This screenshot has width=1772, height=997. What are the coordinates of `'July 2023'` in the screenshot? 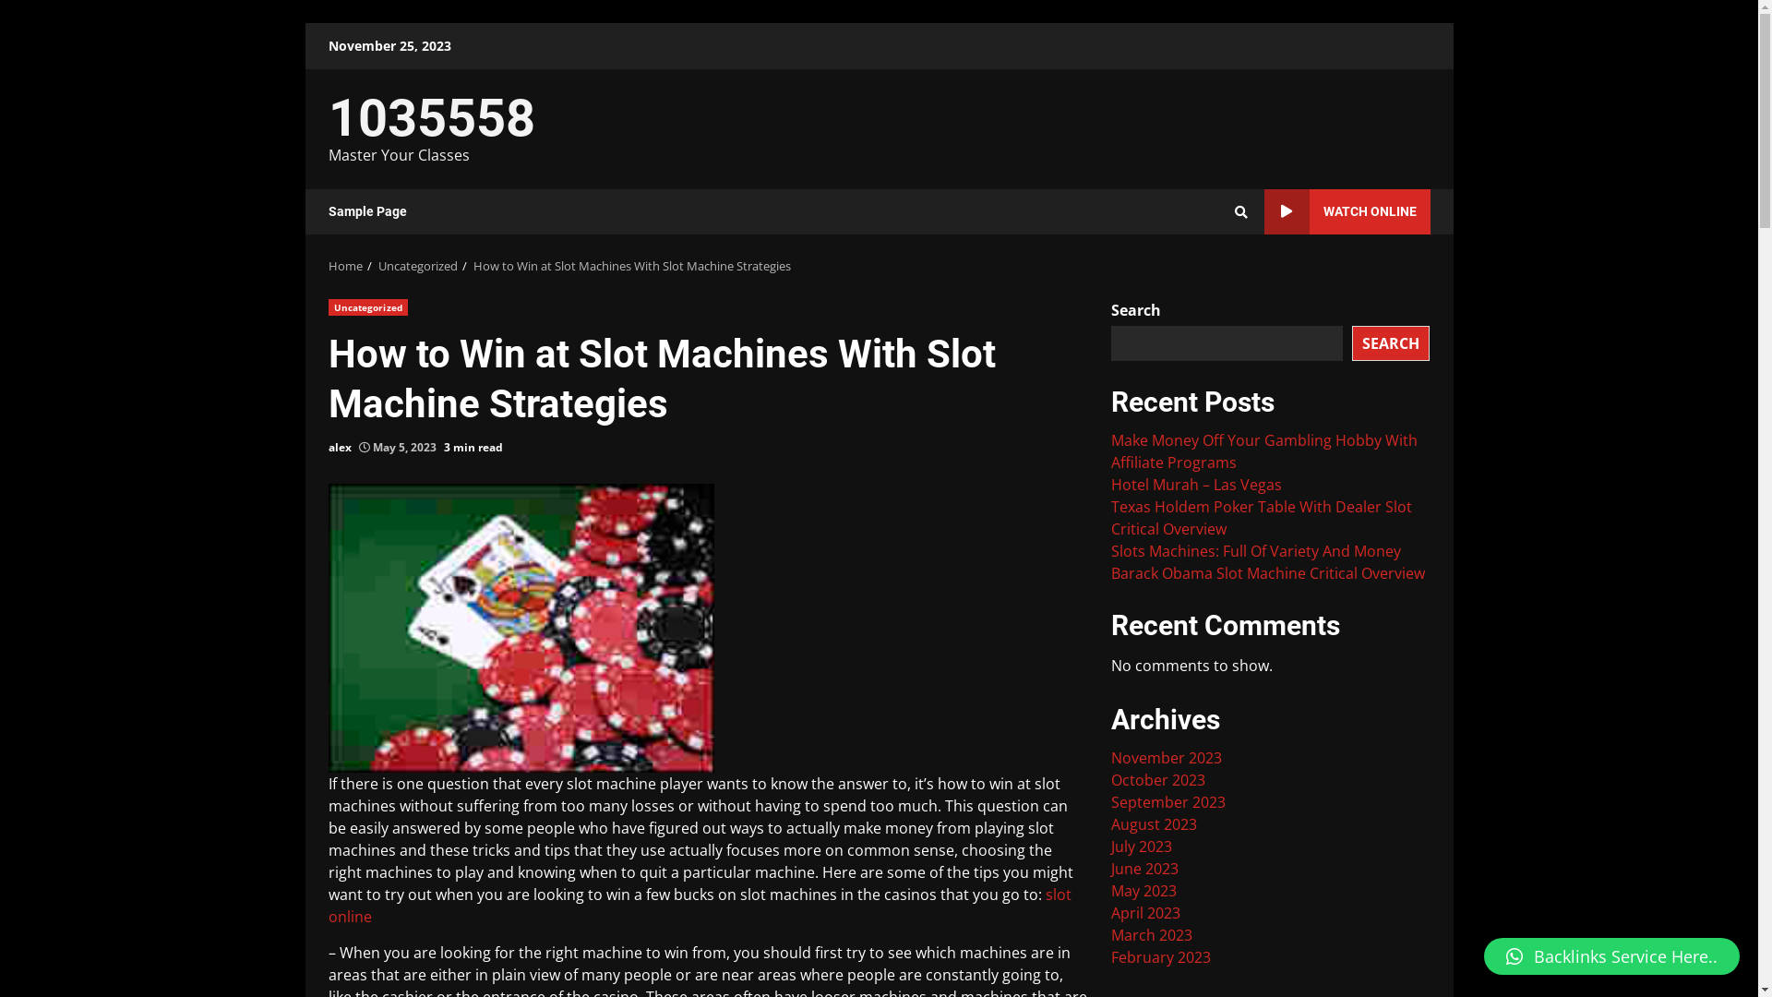 It's located at (1141, 847).